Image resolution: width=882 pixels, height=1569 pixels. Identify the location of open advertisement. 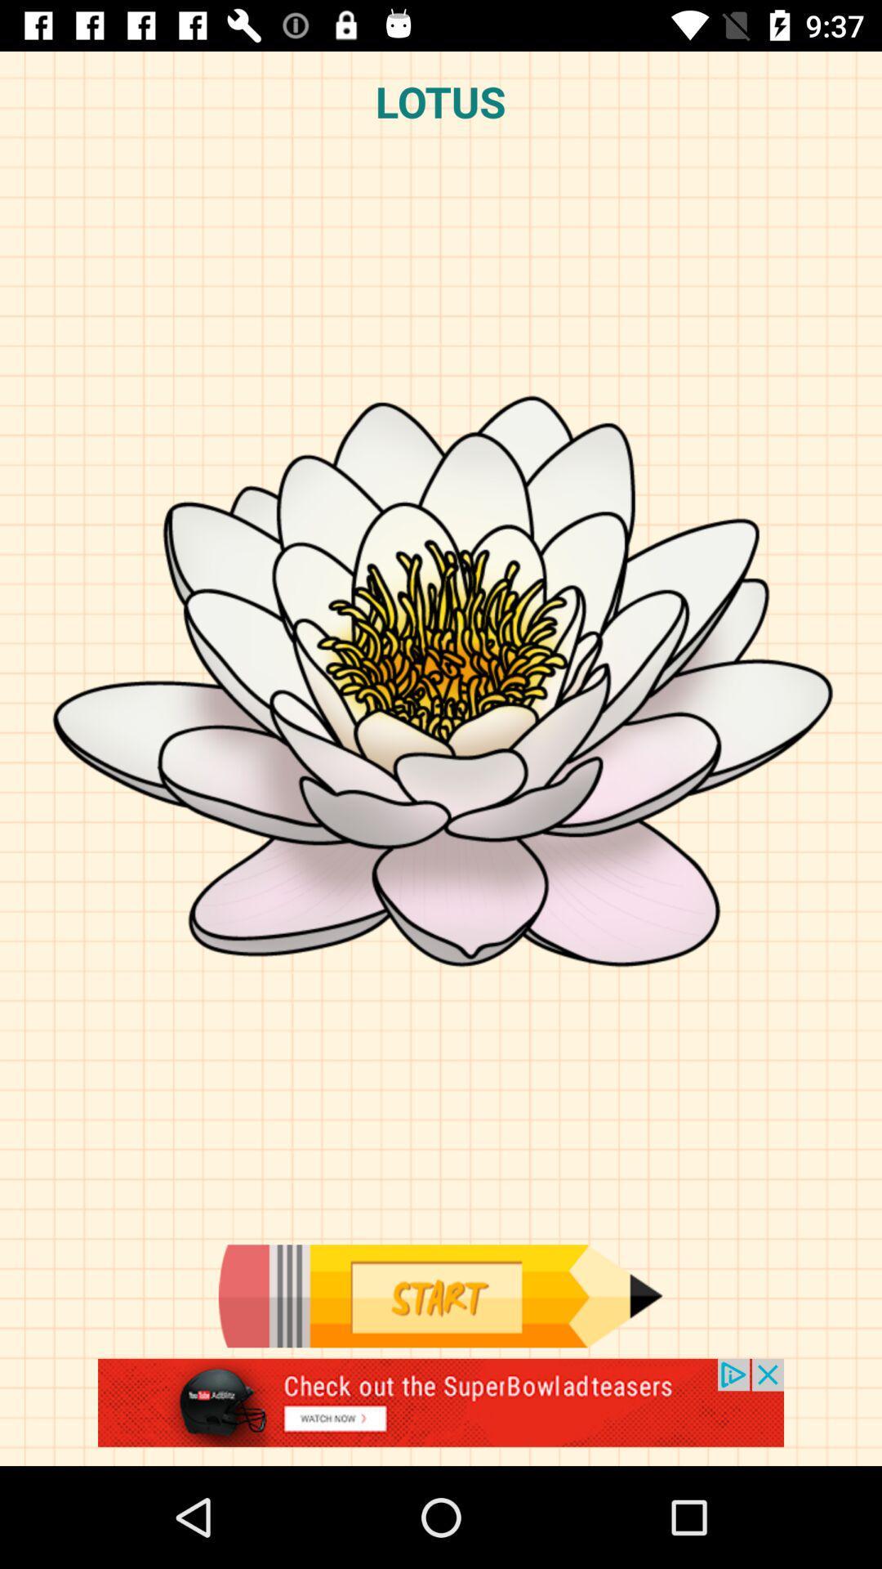
(441, 1411).